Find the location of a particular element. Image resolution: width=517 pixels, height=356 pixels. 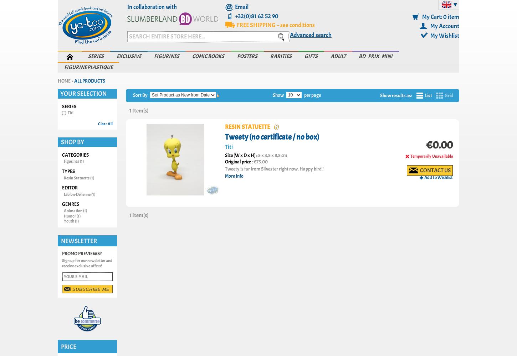

'Rarities' is located at coordinates (281, 56).